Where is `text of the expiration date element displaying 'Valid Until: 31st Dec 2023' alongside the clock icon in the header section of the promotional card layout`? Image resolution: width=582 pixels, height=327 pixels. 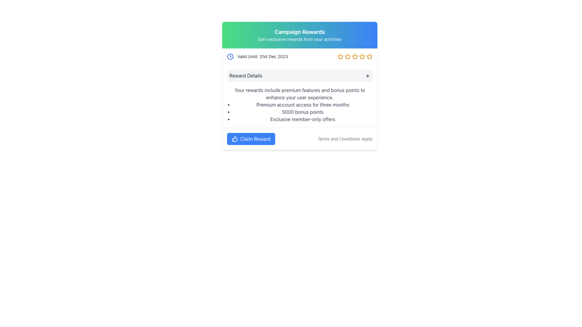
text of the expiration date element displaying 'Valid Until: 31st Dec 2023' alongside the clock icon in the header section of the promotional card layout is located at coordinates (257, 56).